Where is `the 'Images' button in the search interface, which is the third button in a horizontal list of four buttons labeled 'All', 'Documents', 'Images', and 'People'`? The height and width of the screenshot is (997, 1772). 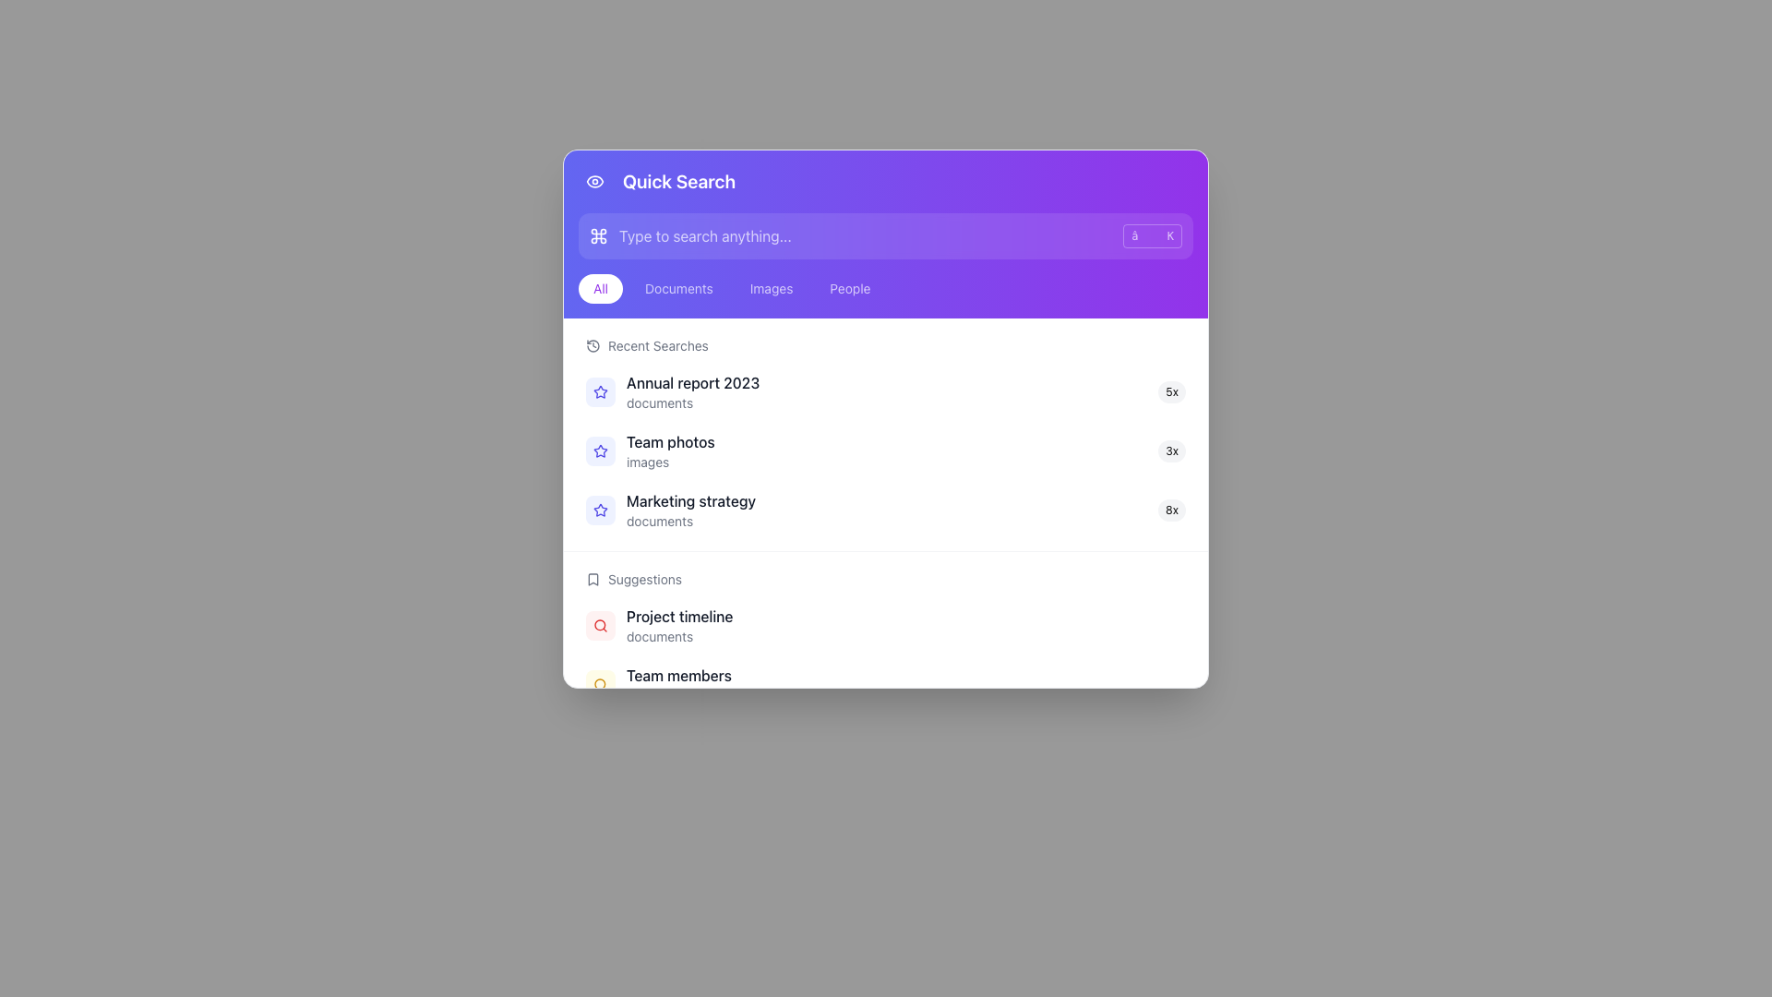 the 'Images' button in the search interface, which is the third button in a horizontal list of four buttons labeled 'All', 'Documents', 'Images', and 'People' is located at coordinates (772, 288).